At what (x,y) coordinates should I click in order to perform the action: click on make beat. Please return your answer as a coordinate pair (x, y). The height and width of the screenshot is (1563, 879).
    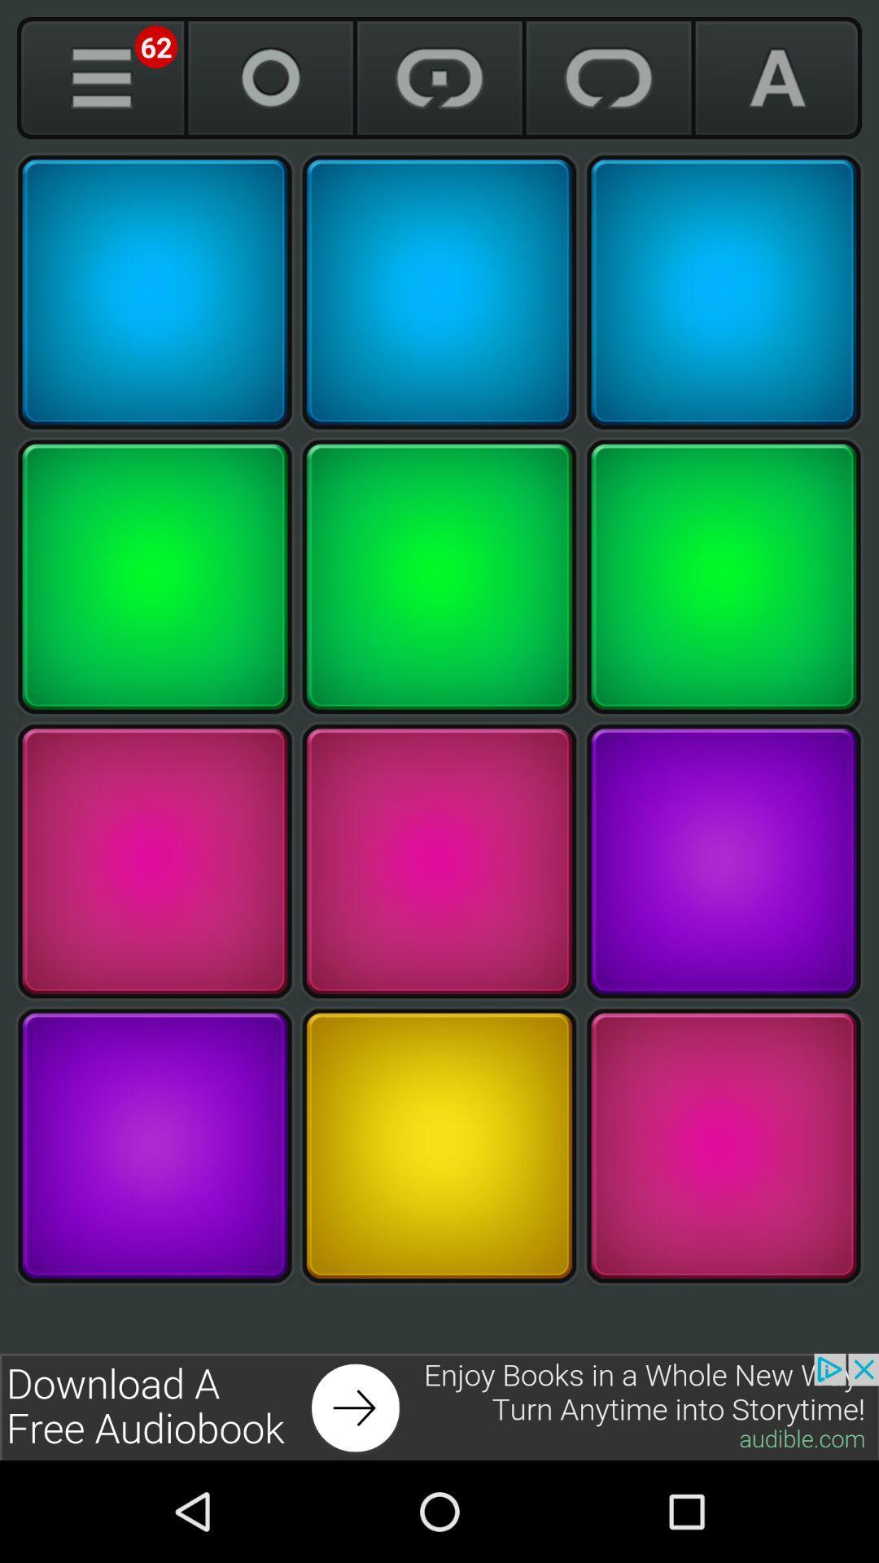
    Looking at the image, I should click on (723, 860).